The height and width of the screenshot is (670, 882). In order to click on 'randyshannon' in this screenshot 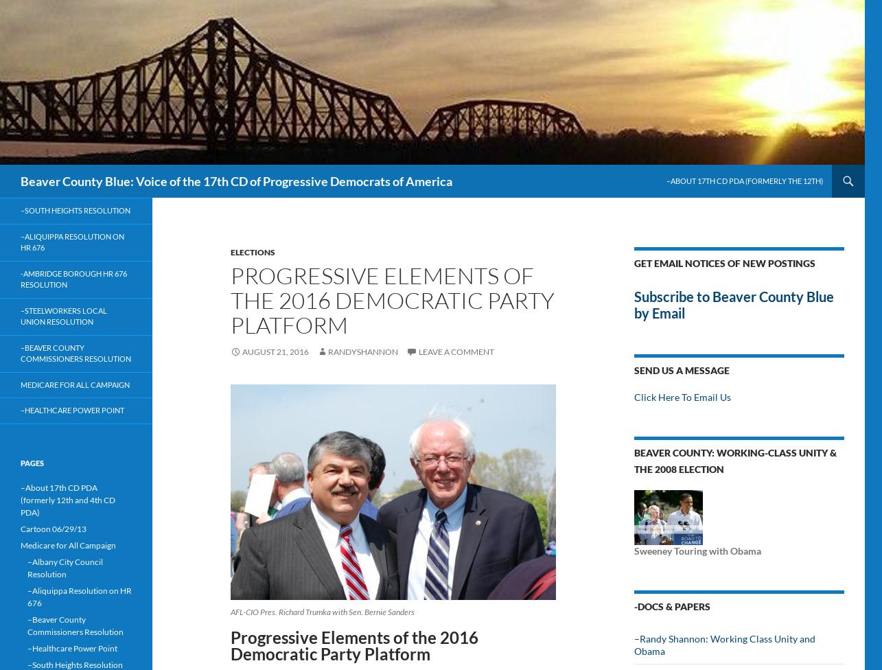, I will do `click(363, 351)`.